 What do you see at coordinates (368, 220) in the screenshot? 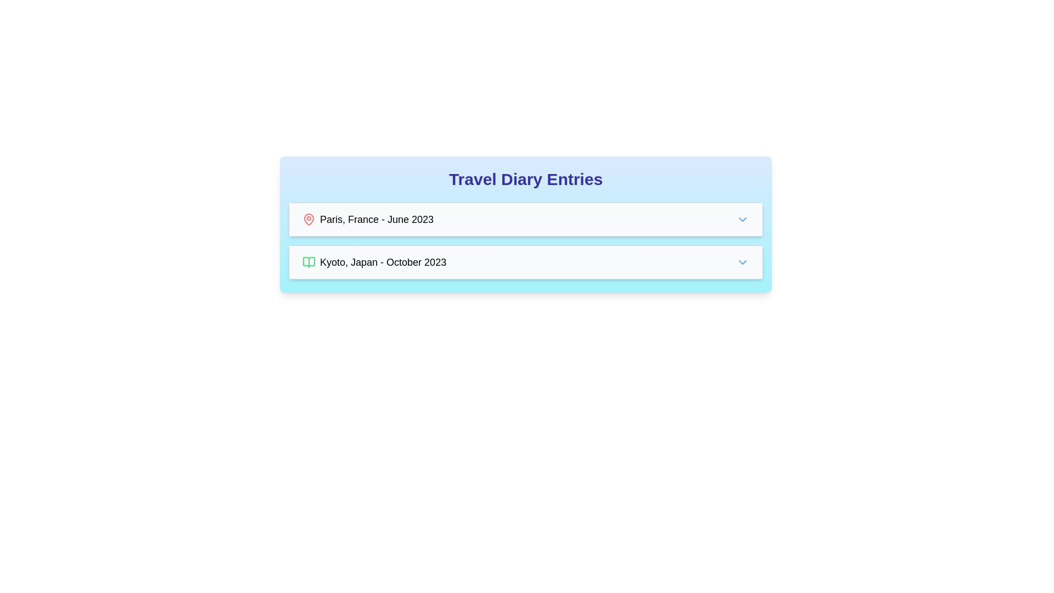
I see `the text entry stating 'Paris, France - June 2023' with an associated red location pin icon` at bounding box center [368, 220].